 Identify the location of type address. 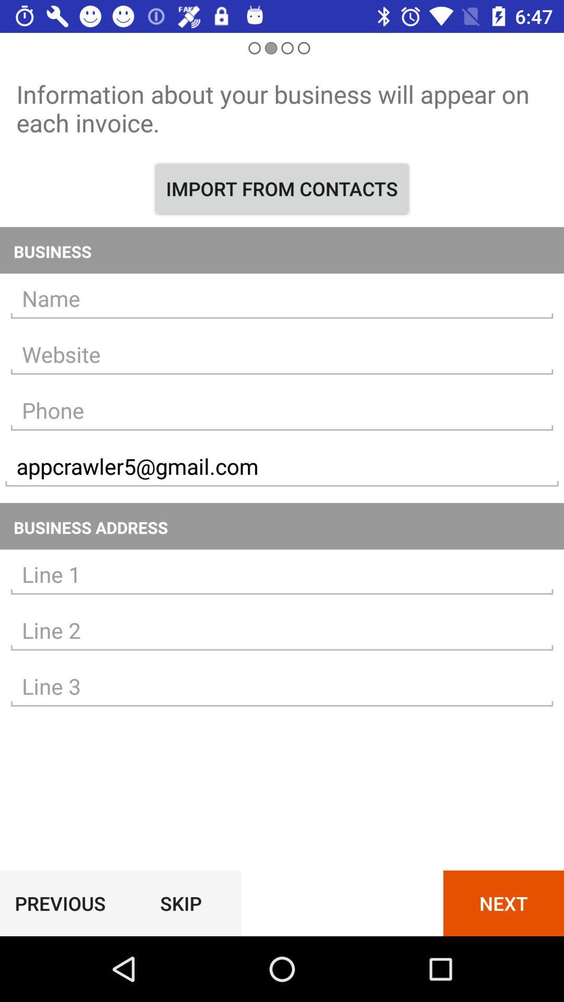
(282, 630).